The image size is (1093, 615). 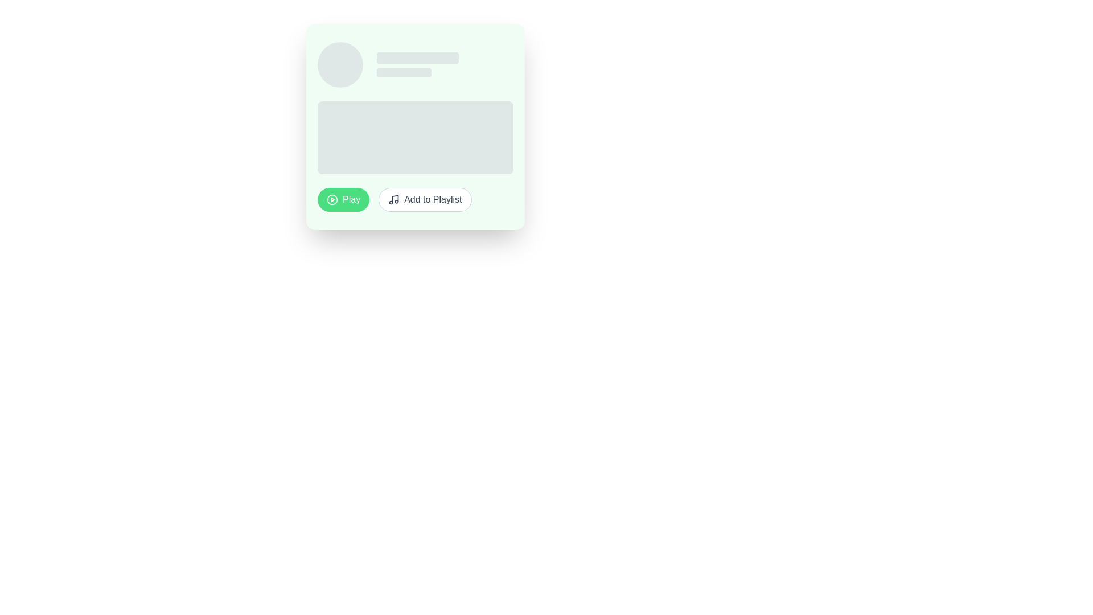 What do you see at coordinates (445, 65) in the screenshot?
I see `the light gray, animated pulse effect Placeholder component located to the right of the circular placeholder` at bounding box center [445, 65].